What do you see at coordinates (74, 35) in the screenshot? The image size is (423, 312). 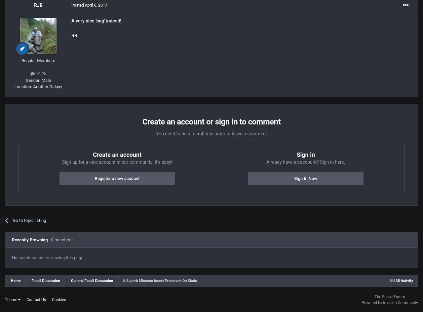 I see `'RB'` at bounding box center [74, 35].